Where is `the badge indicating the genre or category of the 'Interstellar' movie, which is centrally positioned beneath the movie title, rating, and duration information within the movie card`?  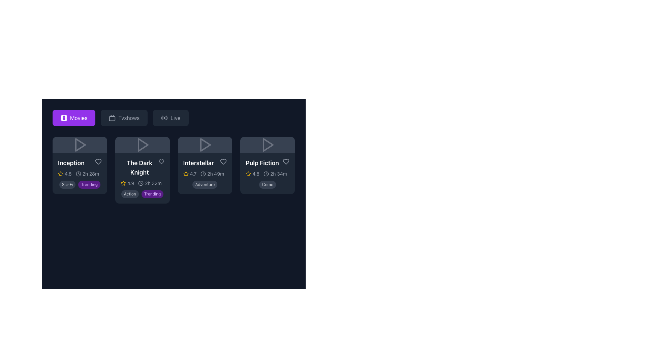 the badge indicating the genre or category of the 'Interstellar' movie, which is centrally positioned beneath the movie title, rating, and duration information within the movie card is located at coordinates (205, 184).